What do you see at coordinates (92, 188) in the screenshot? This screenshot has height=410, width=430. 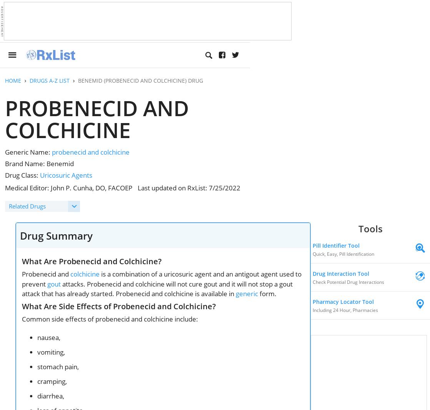 I see `'John P. Cunha, DO, FACOEP'` at bounding box center [92, 188].